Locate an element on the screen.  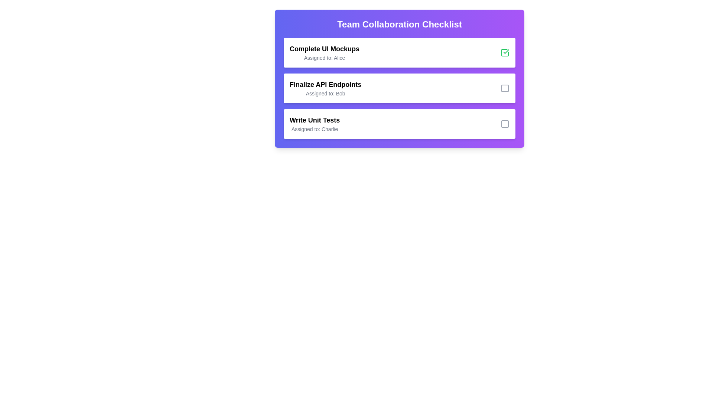
the checklist item labeled 'Finalize API Endpoints' assigned to 'Bob' in the 'Team Collaboration Checklist' is located at coordinates (399, 88).